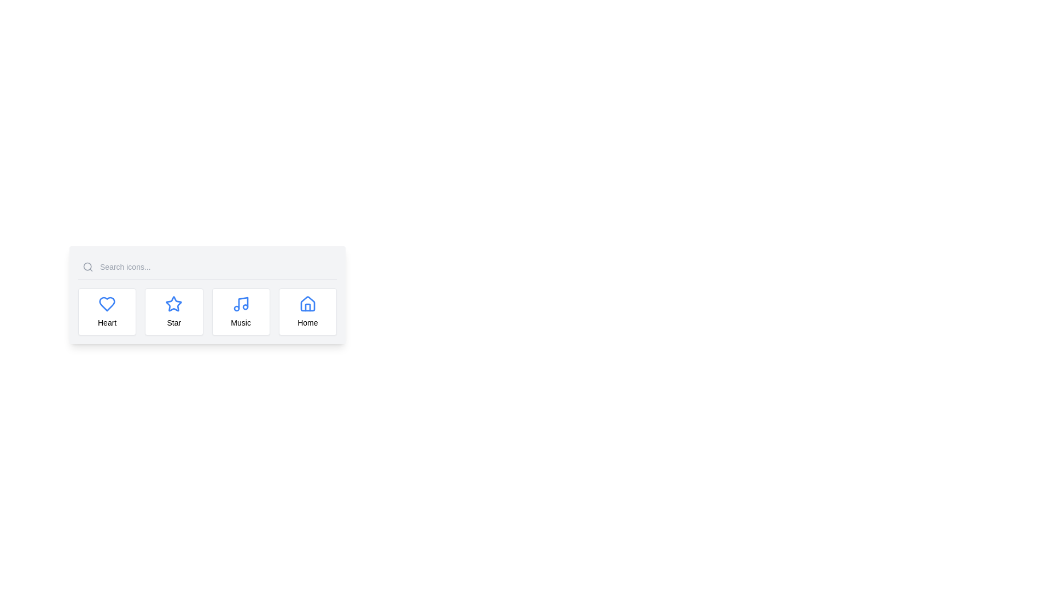  Describe the element at coordinates (173, 312) in the screenshot. I see `the 'Star' icon button located in the grid layout, which is the second element from the left` at that location.